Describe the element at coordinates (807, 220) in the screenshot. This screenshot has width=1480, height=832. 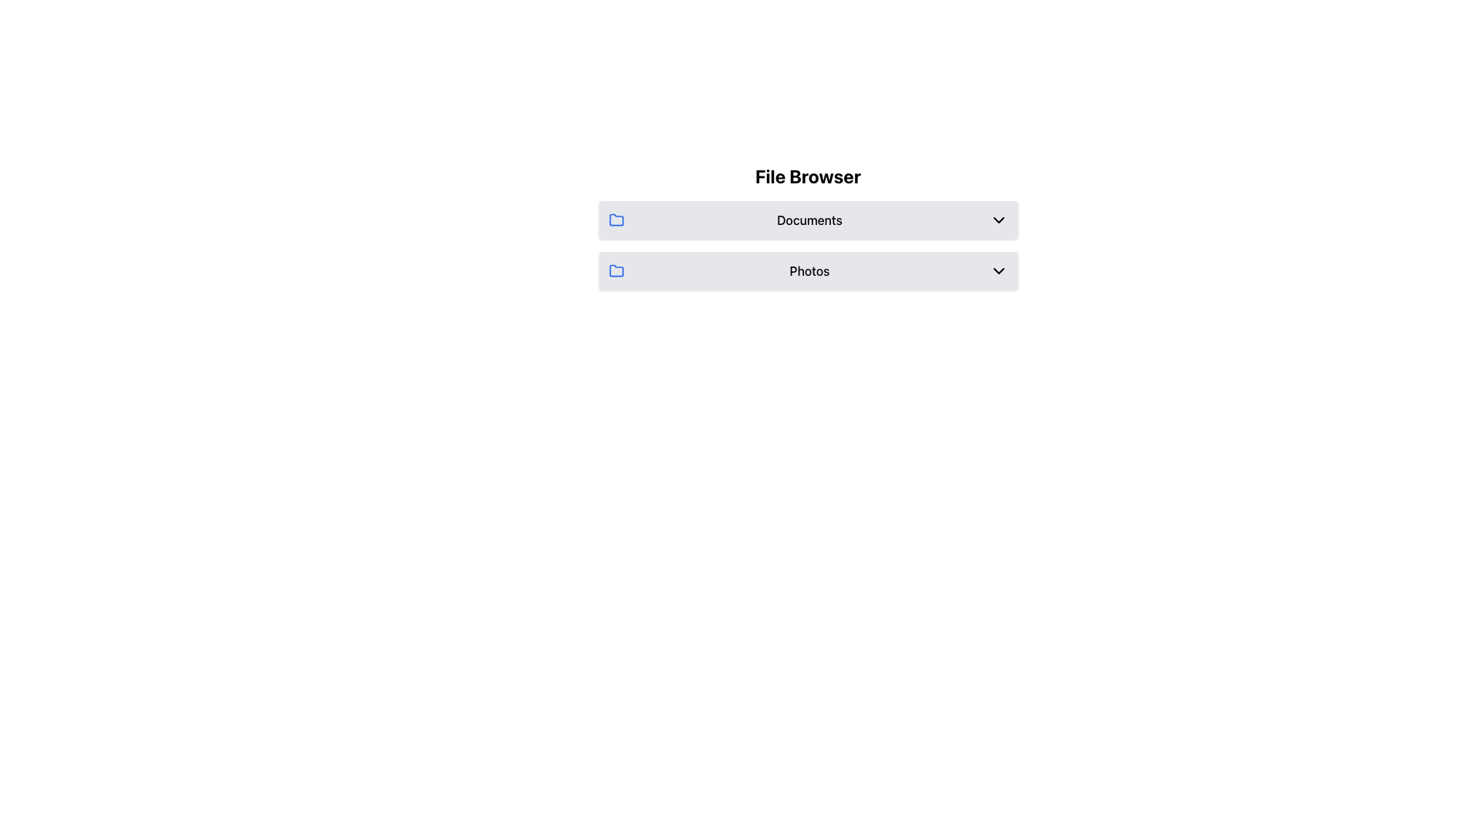
I see `the first item` at that location.